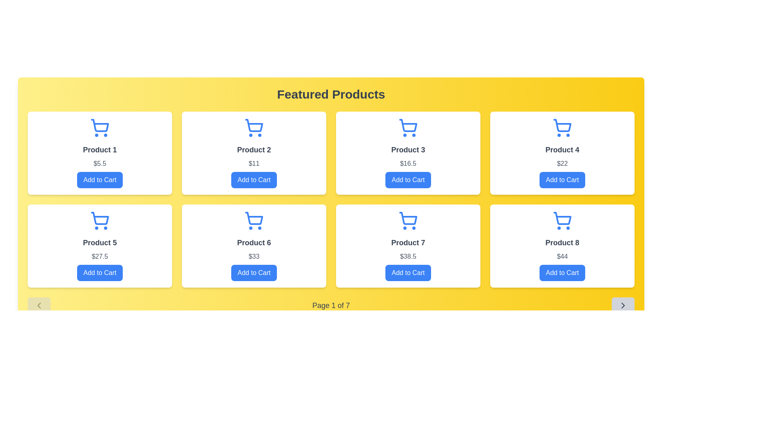 This screenshot has height=440, width=783. I want to click on the Text label that serves as the descriptive title for a product, located below the shopping cart icon and above the price label ('$22'), so click(562, 150).